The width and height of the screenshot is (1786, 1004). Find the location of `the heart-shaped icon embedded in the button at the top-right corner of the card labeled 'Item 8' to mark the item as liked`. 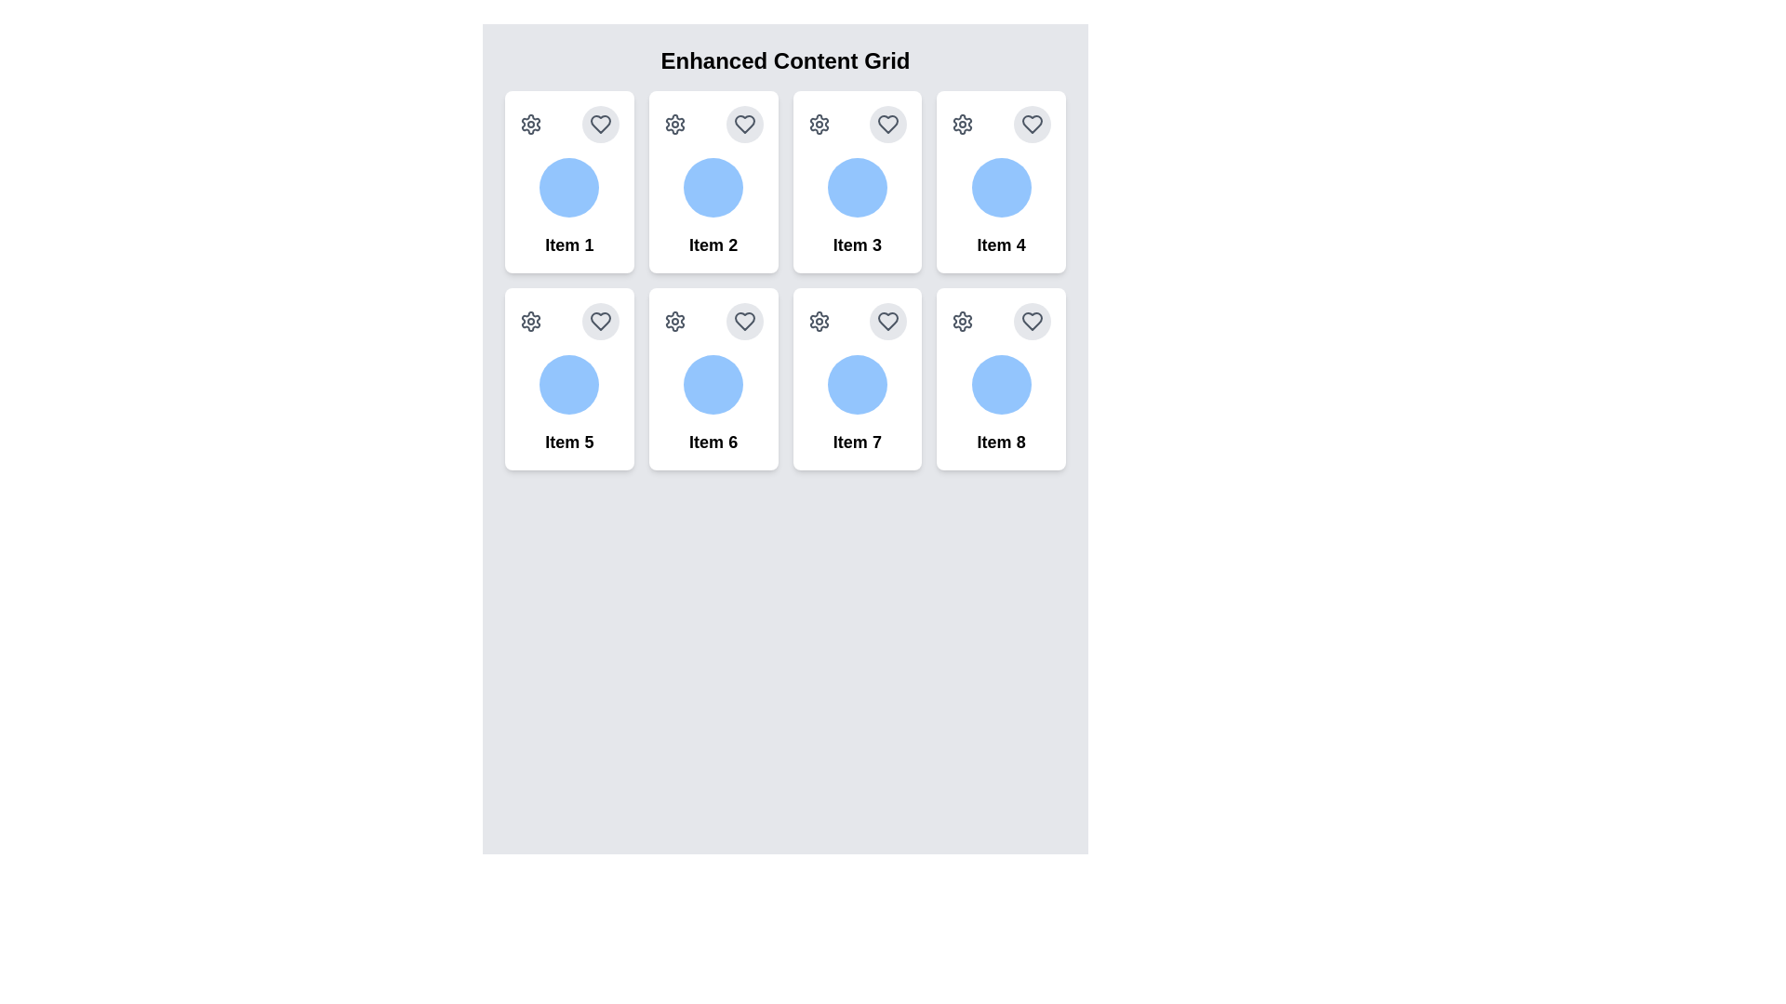

the heart-shaped icon embedded in the button at the top-right corner of the card labeled 'Item 8' to mark the item as liked is located at coordinates (1031, 321).